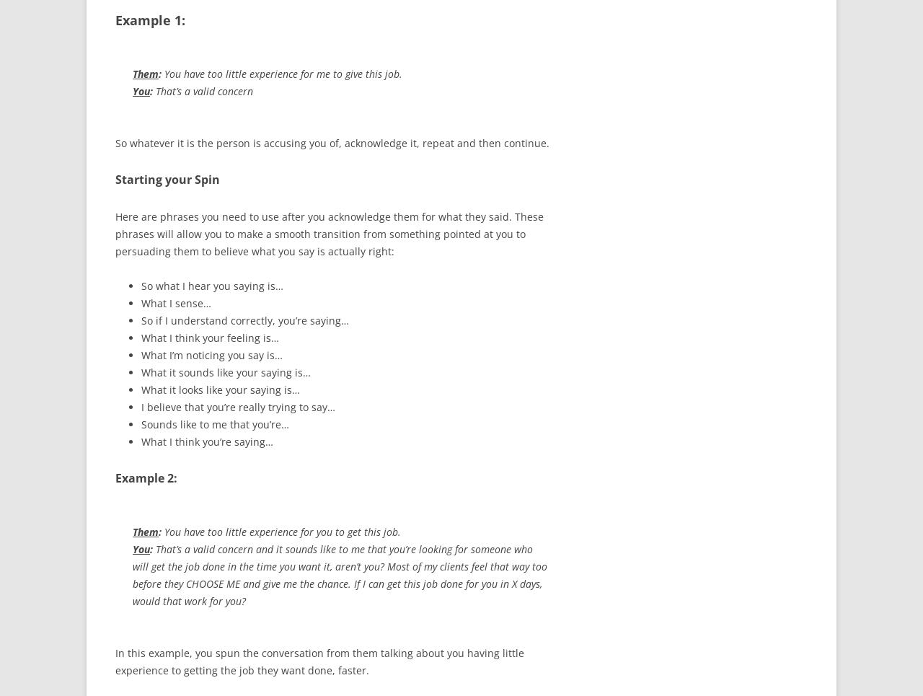  Describe the element at coordinates (244, 320) in the screenshot. I see `'So if I understand correctly, you’re saying…'` at that location.